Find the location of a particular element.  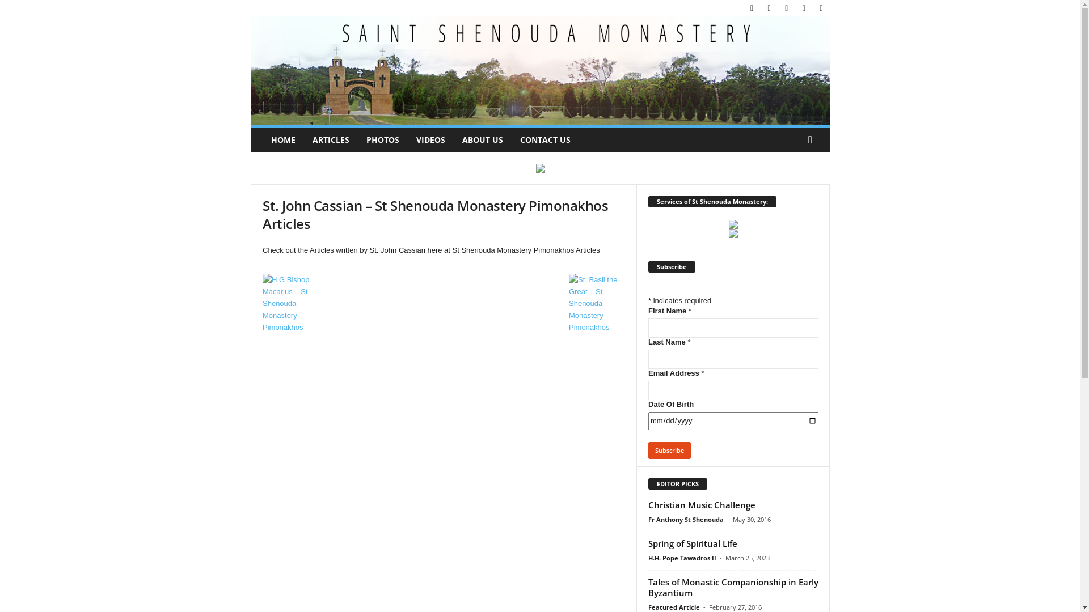

'Subscribe' is located at coordinates (669, 449).